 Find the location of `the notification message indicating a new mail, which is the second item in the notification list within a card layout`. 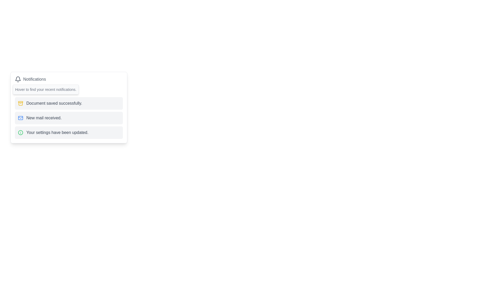

the notification message indicating a new mail, which is the second item in the notification list within a card layout is located at coordinates (44, 118).